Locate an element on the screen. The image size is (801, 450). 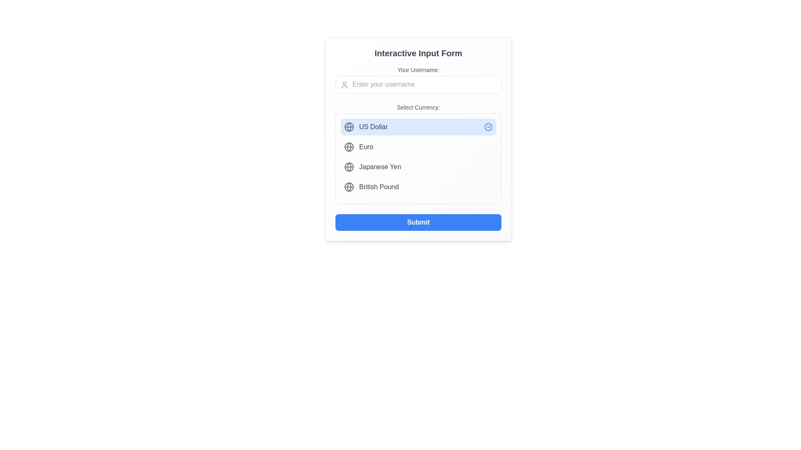
the decorative SVG element that is part of the globe icon, located to the left of the 'US Dollar' currency option in the dropdown list is located at coordinates (349, 127).